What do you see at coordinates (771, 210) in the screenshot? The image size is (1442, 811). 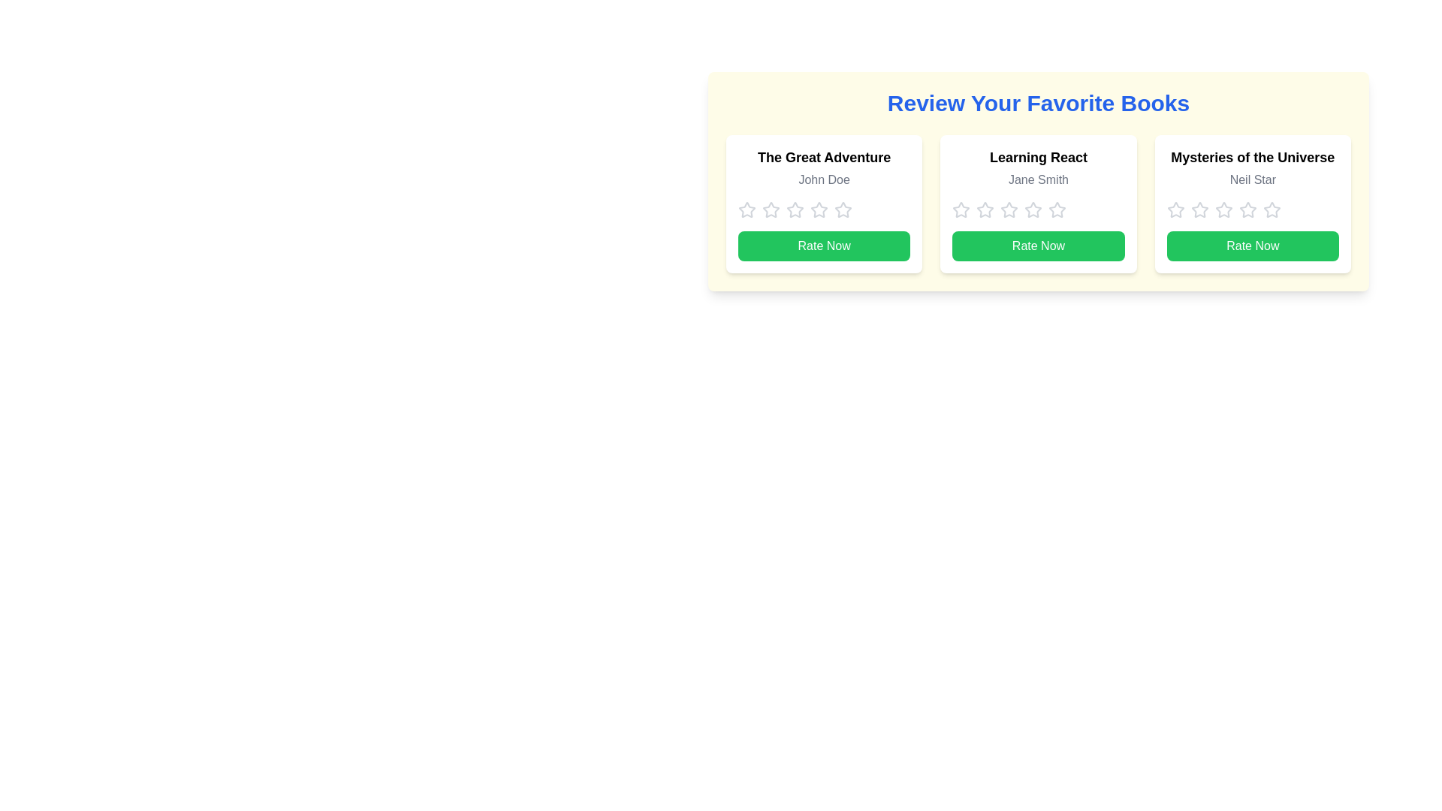 I see `the first rating star` at bounding box center [771, 210].